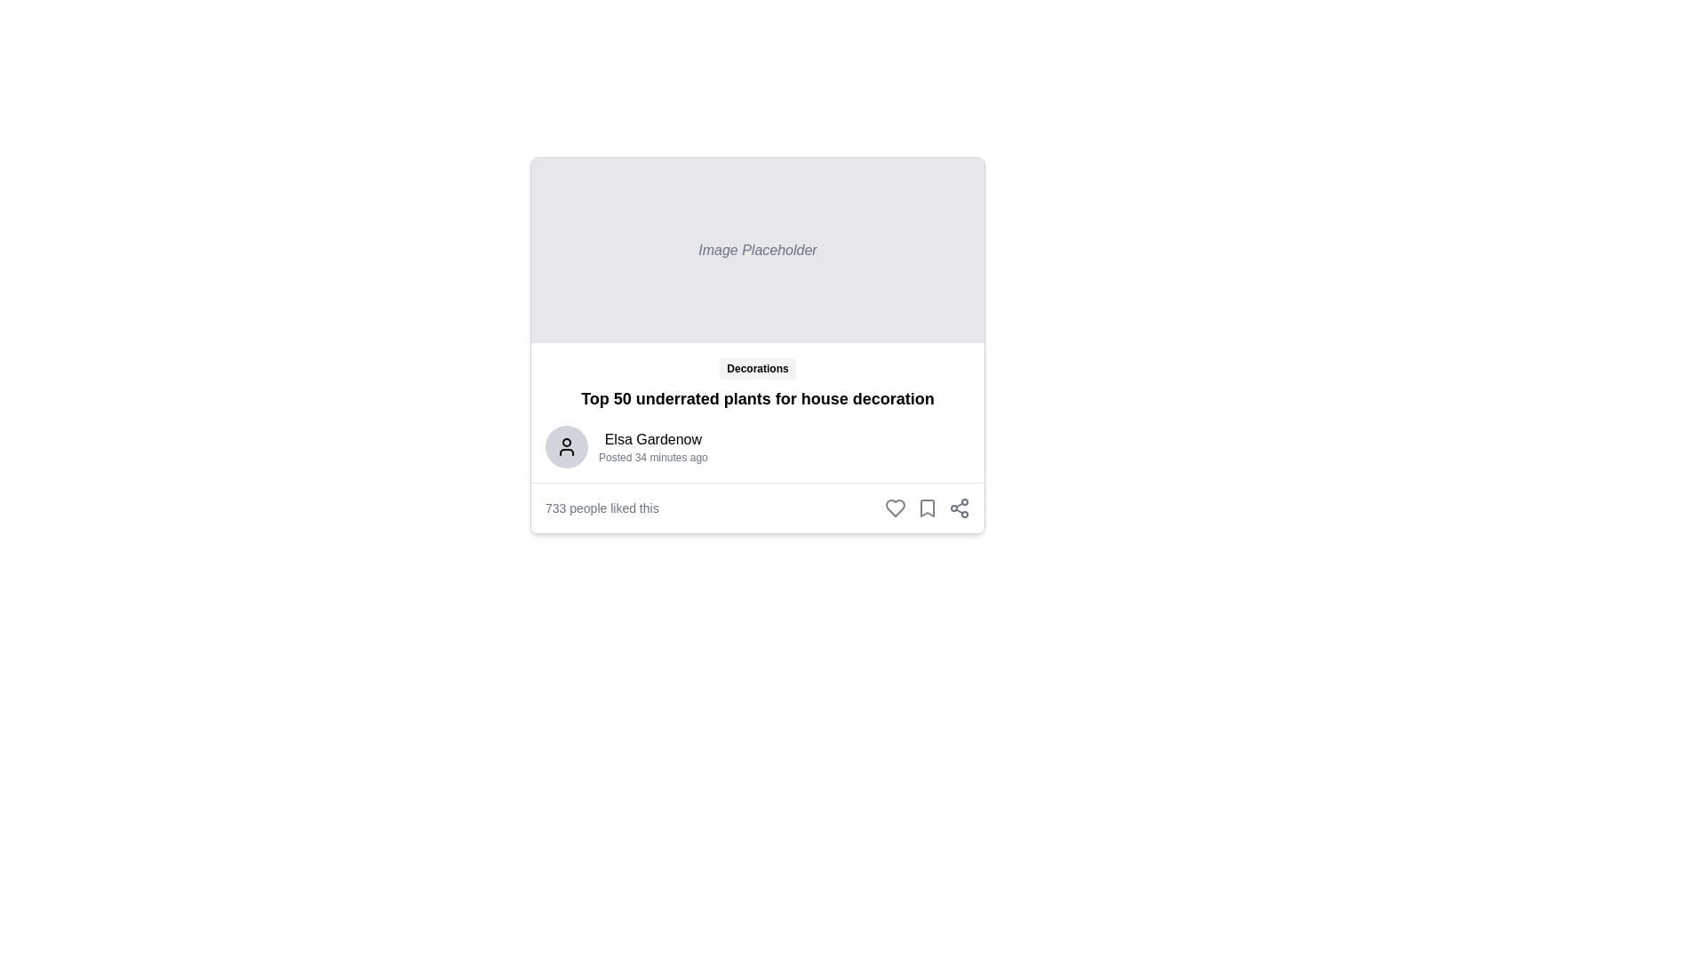 The image size is (1706, 960). I want to click on the bookmark icon button, which is styled with a gray outline and located centrally among a horizontal group of icons, so click(926, 508).